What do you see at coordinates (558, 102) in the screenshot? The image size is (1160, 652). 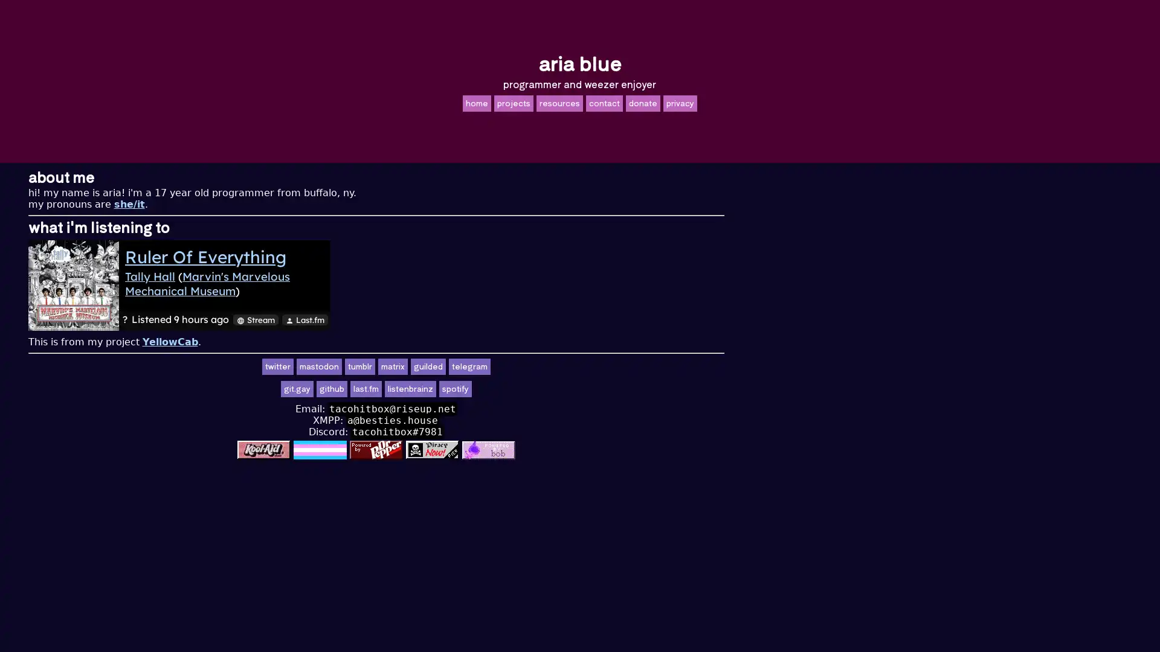 I see `resources` at bounding box center [558, 102].